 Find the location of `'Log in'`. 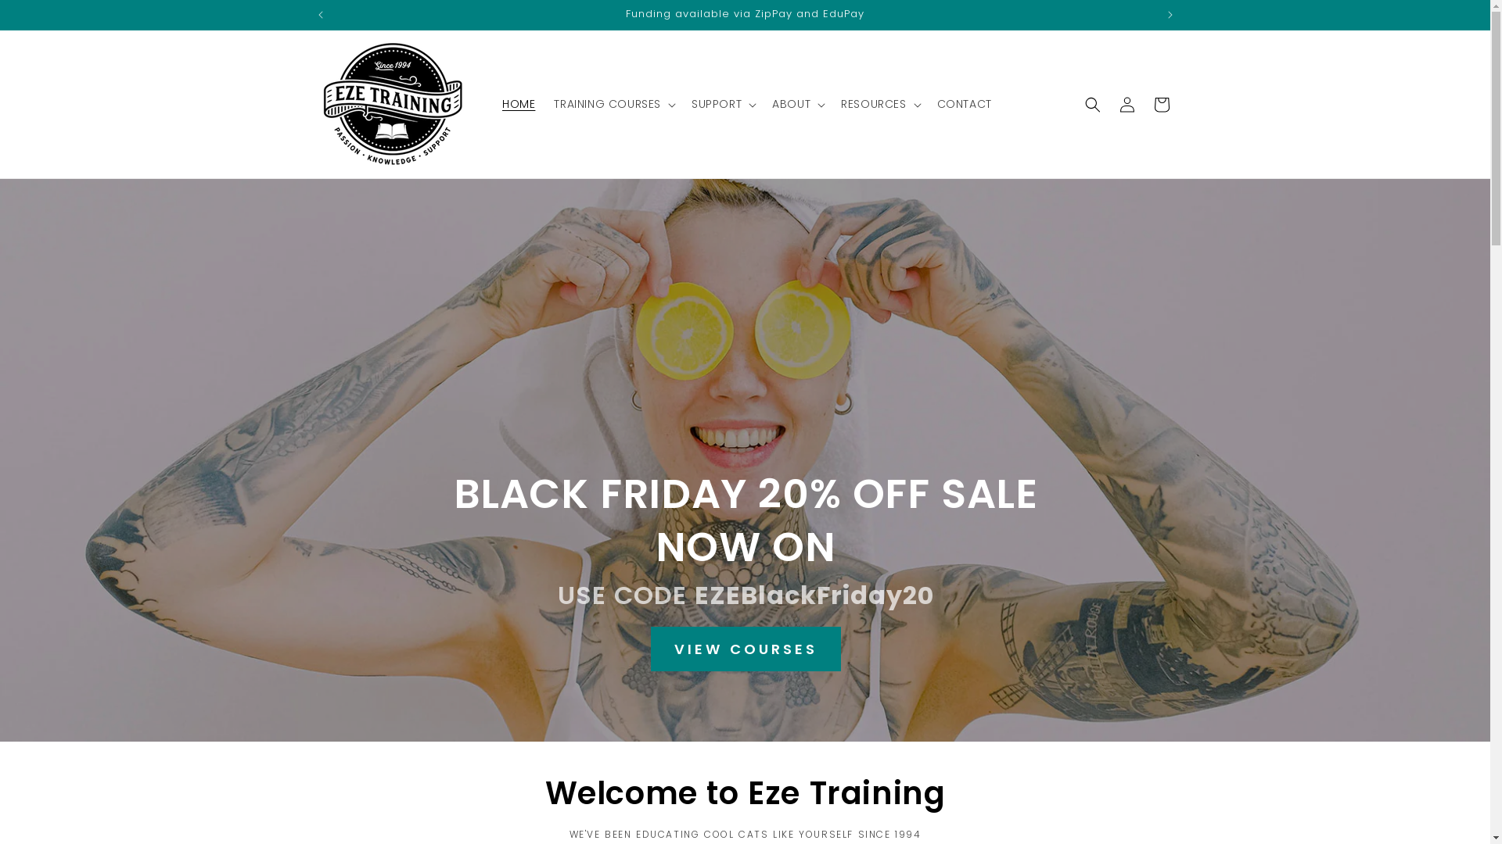

'Log in' is located at coordinates (1108, 105).